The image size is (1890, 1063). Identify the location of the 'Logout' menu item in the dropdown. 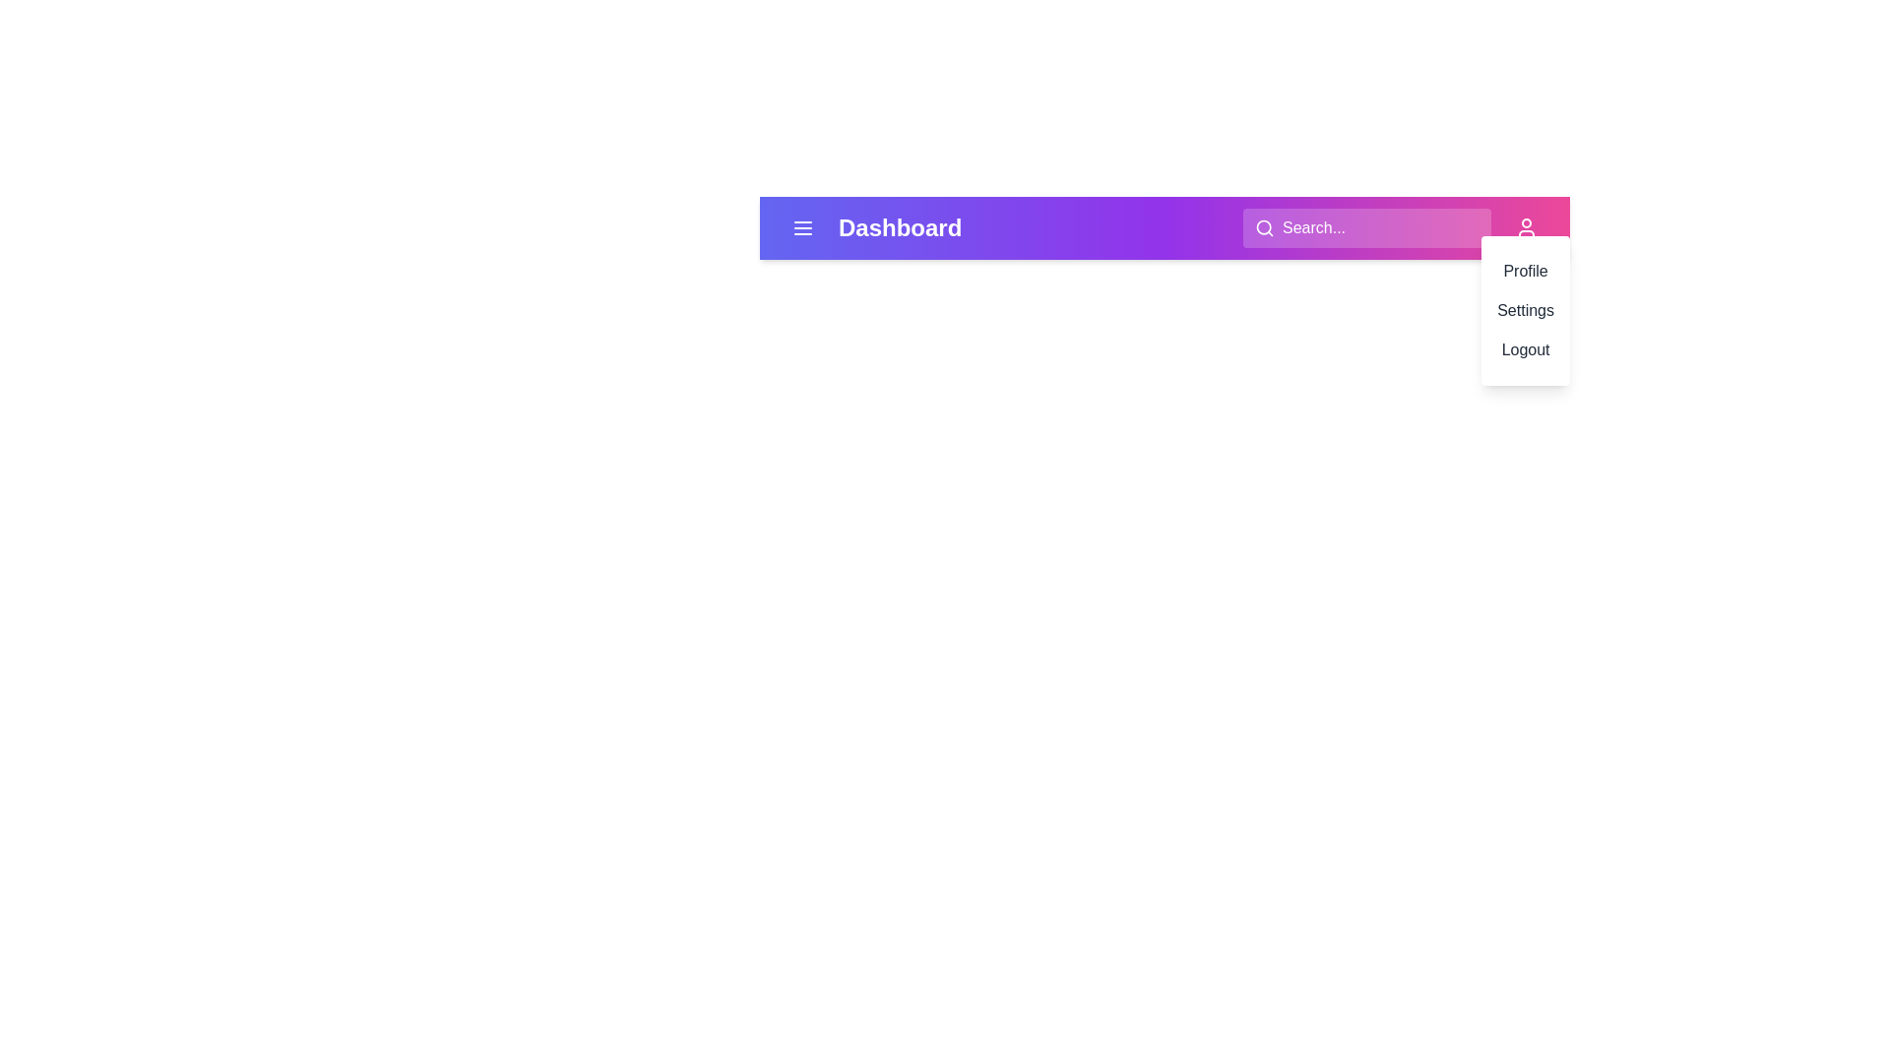
(1525, 348).